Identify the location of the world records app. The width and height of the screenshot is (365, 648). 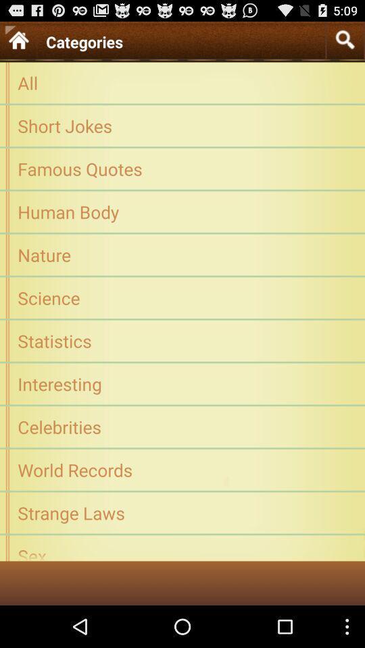
(182, 470).